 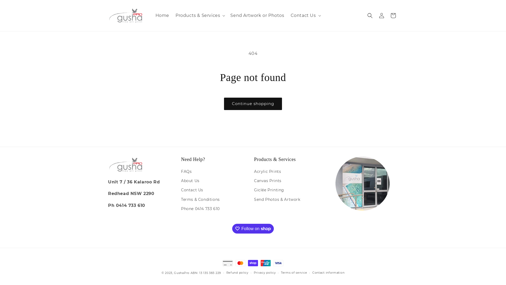 What do you see at coordinates (382, 15) in the screenshot?
I see `'Log in'` at bounding box center [382, 15].